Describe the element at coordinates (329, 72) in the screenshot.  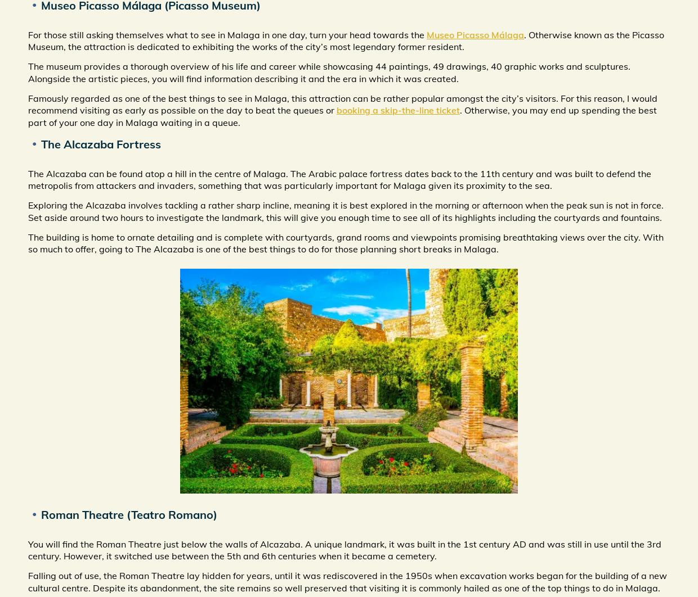
I see `'The museum provides a thorough overview of his life and career while showcasing 44 paintings, 49 drawings, 40 graphic works and sculptures. Alongside the artistic pieces, you will find information describing it and the era in which it was created.'` at that location.